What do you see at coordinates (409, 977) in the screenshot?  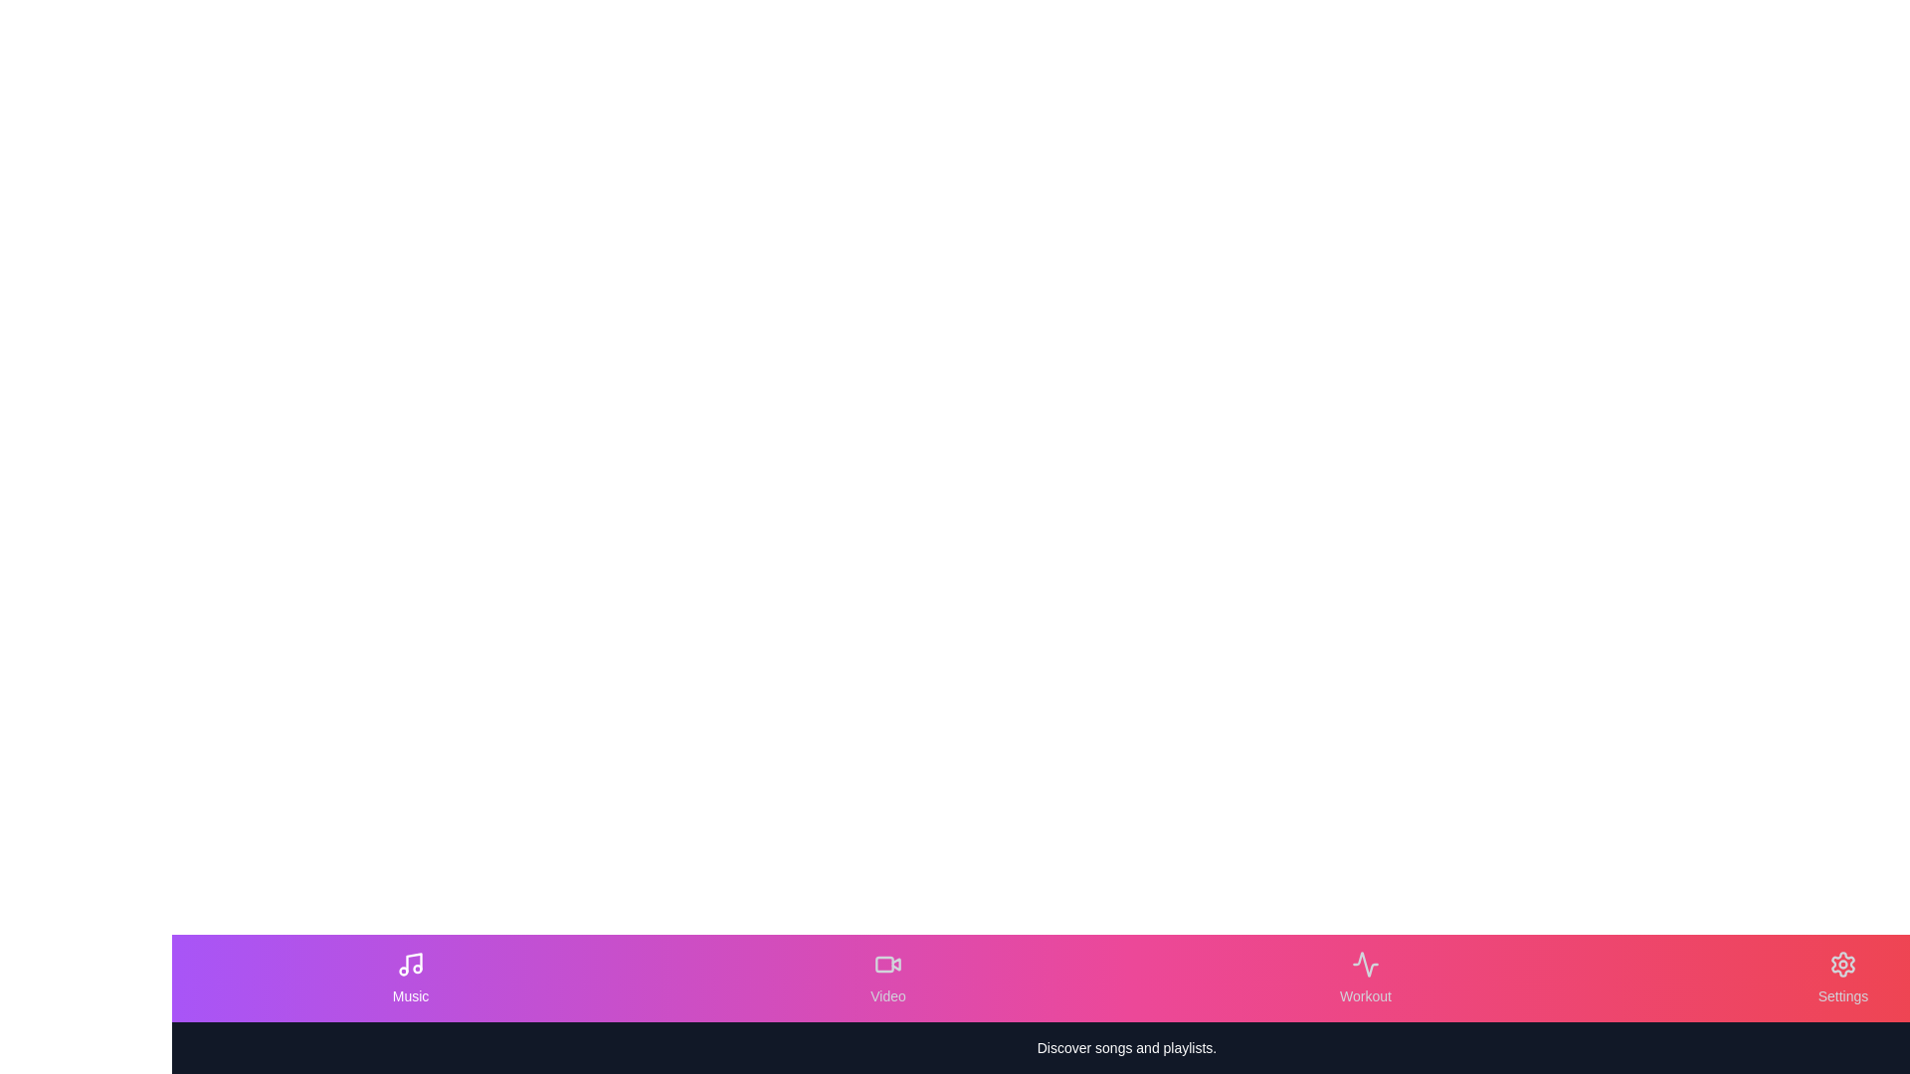 I see `the Music tab to view its tooltip` at bounding box center [409, 977].